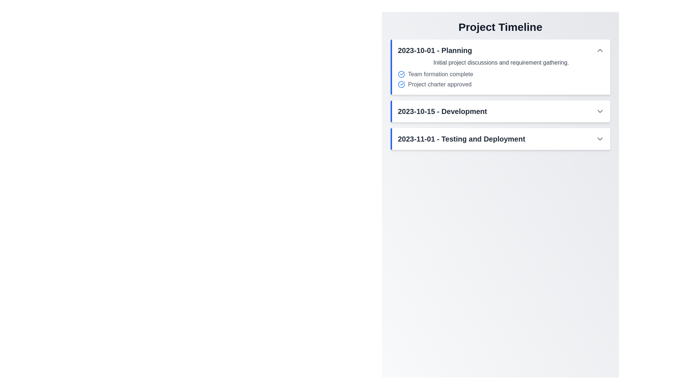 The height and width of the screenshot is (392, 697). Describe the element at coordinates (440, 74) in the screenshot. I see `text label displaying 'Team formation complete' under the '2023-10-01 - Planning' section in the 'Project Timeline'` at that location.